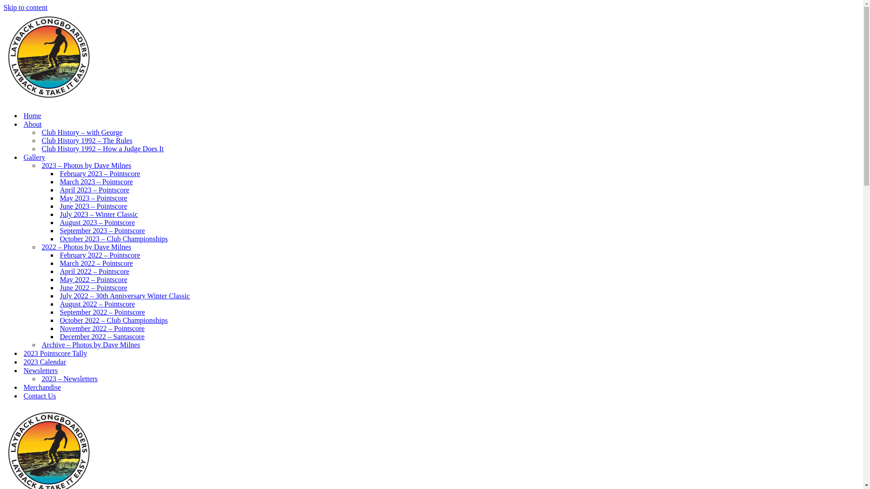  Describe the element at coordinates (40, 370) in the screenshot. I see `'Newsletters'` at that location.